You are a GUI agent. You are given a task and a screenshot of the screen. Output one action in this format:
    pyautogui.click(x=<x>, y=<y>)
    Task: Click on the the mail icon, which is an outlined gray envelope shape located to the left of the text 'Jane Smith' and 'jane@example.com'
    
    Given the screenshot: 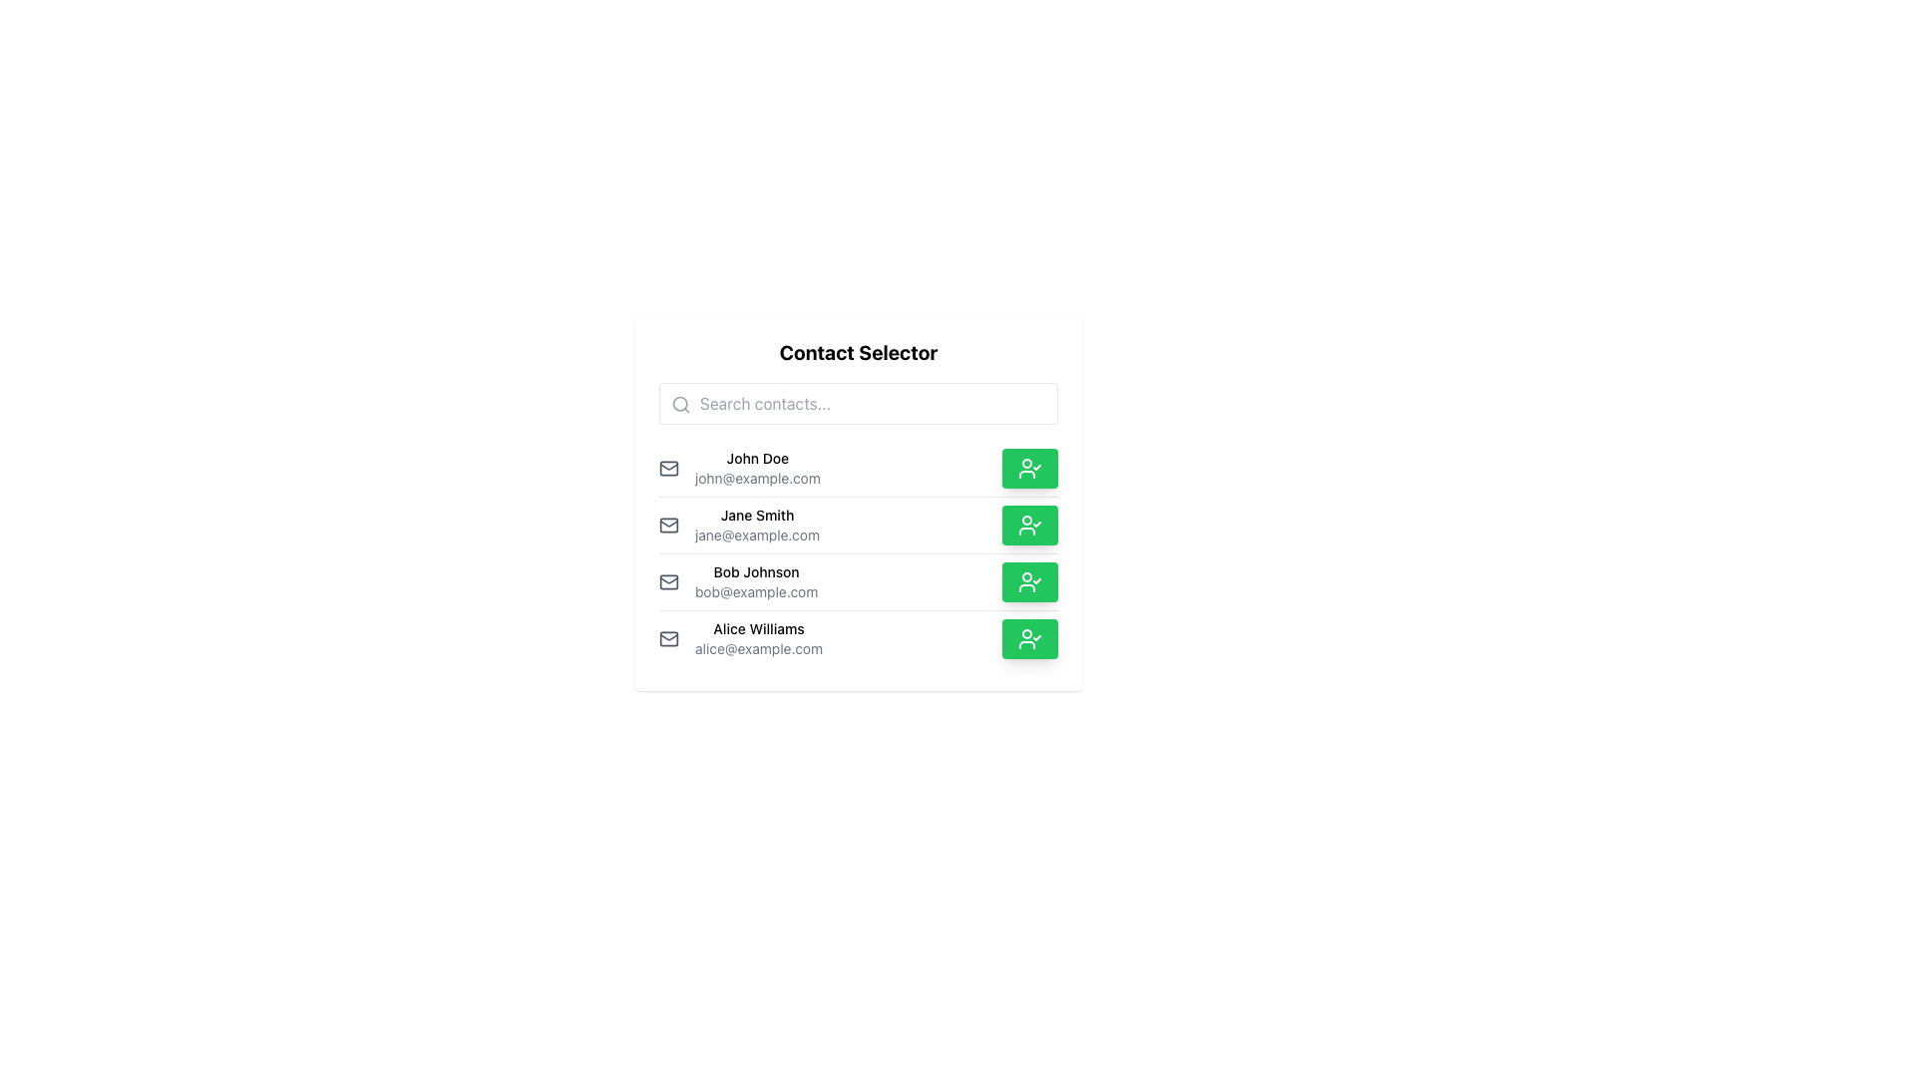 What is the action you would take?
    pyautogui.click(x=669, y=525)
    